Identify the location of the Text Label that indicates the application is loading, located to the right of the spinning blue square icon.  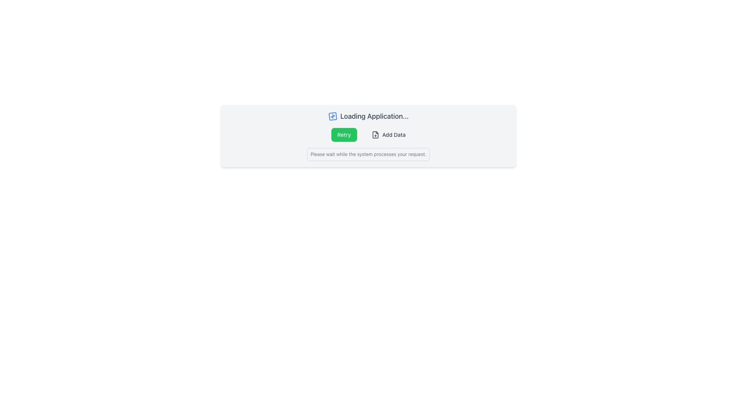
(374, 116).